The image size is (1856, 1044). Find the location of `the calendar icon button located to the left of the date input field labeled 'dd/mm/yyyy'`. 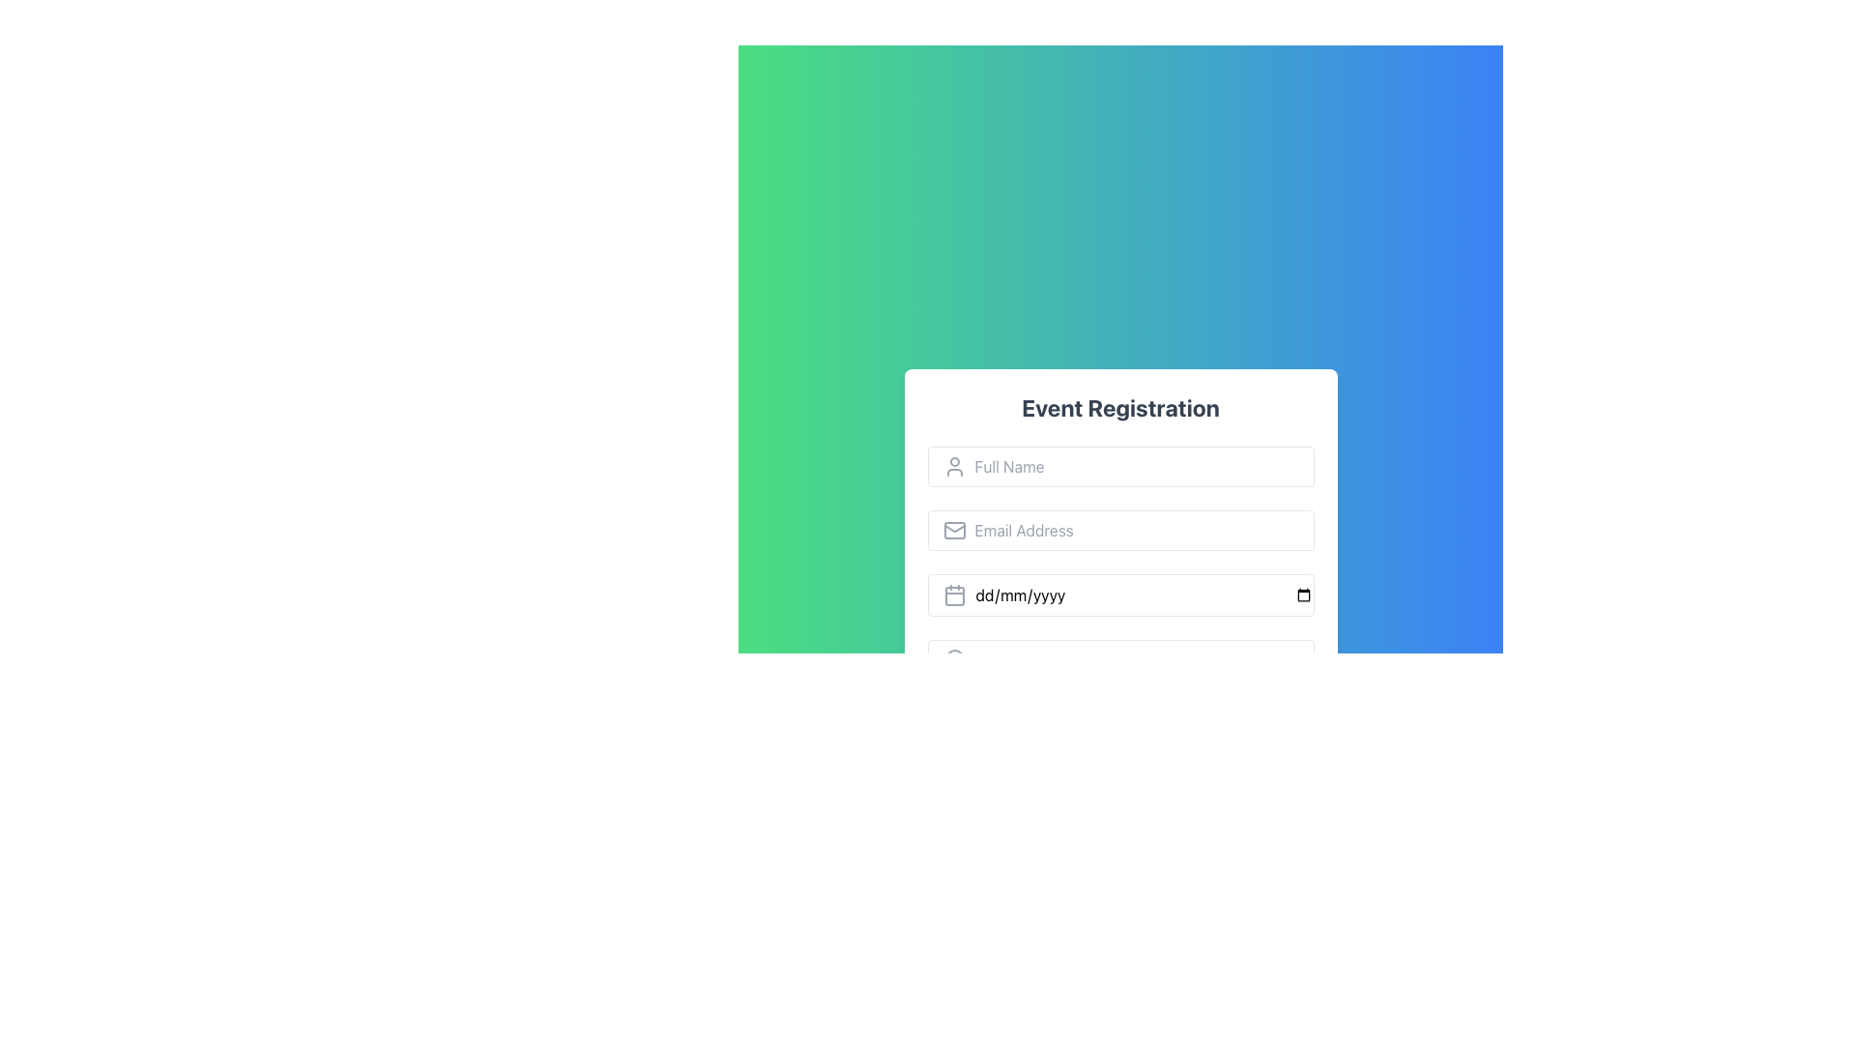

the calendar icon button located to the left of the date input field labeled 'dd/mm/yyyy' is located at coordinates (954, 594).